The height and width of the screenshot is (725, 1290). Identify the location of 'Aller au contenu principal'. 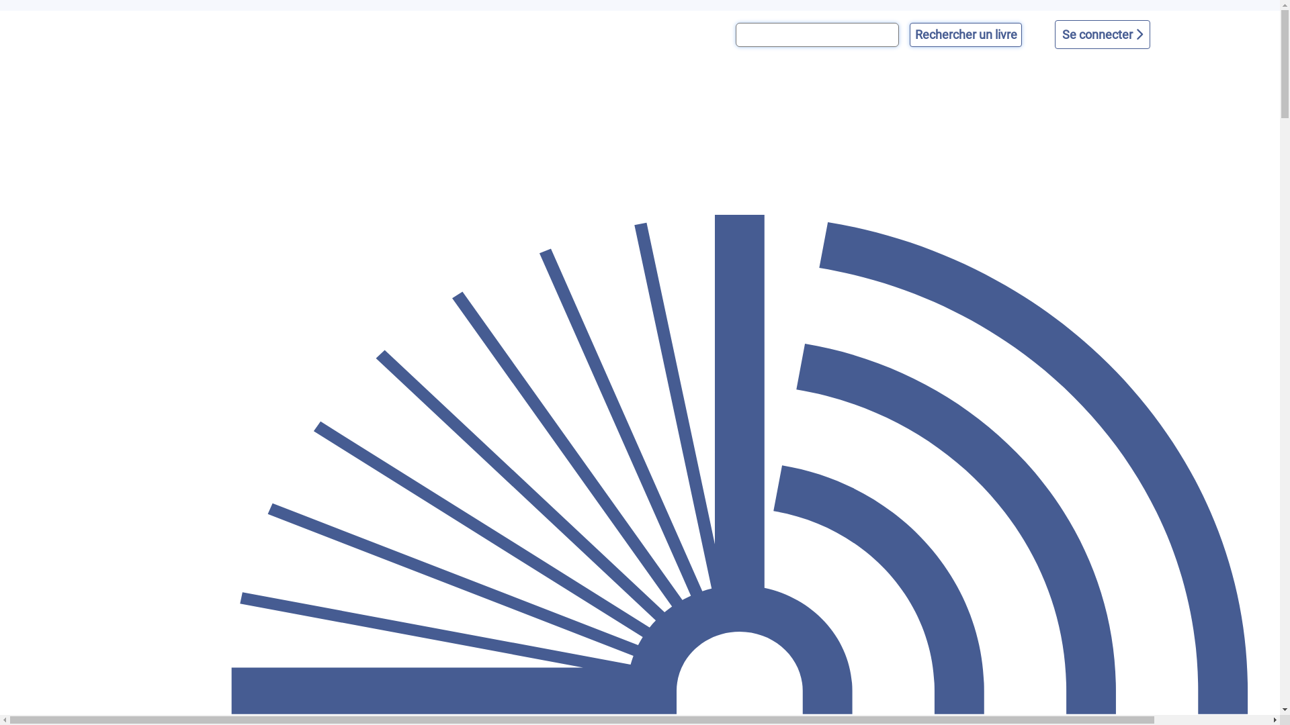
(0, 11).